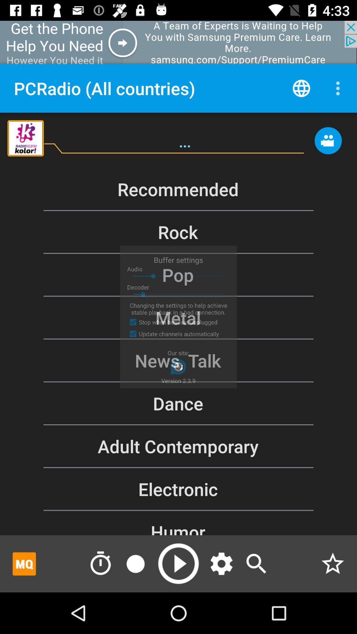 The width and height of the screenshot is (357, 634). What do you see at coordinates (100, 563) in the screenshot?
I see `alarm` at bounding box center [100, 563].